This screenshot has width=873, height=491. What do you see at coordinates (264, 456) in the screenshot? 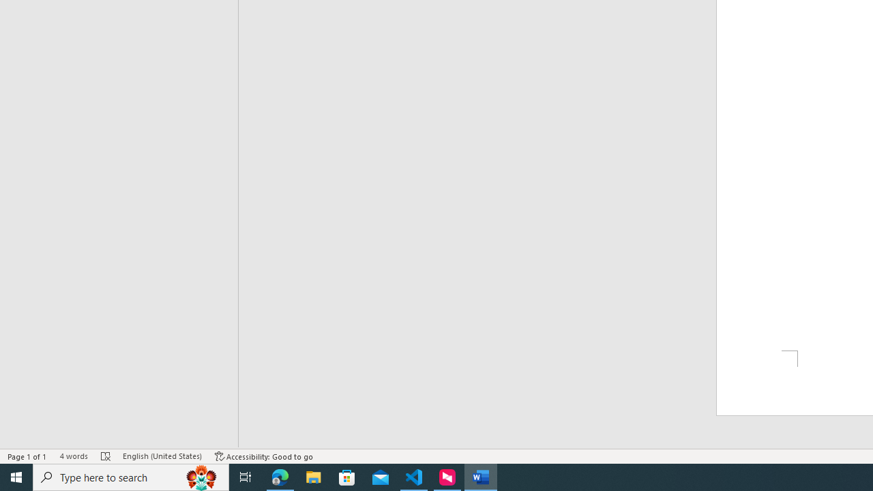
I see `'Accessibility Checker Accessibility: Good to go'` at bounding box center [264, 456].